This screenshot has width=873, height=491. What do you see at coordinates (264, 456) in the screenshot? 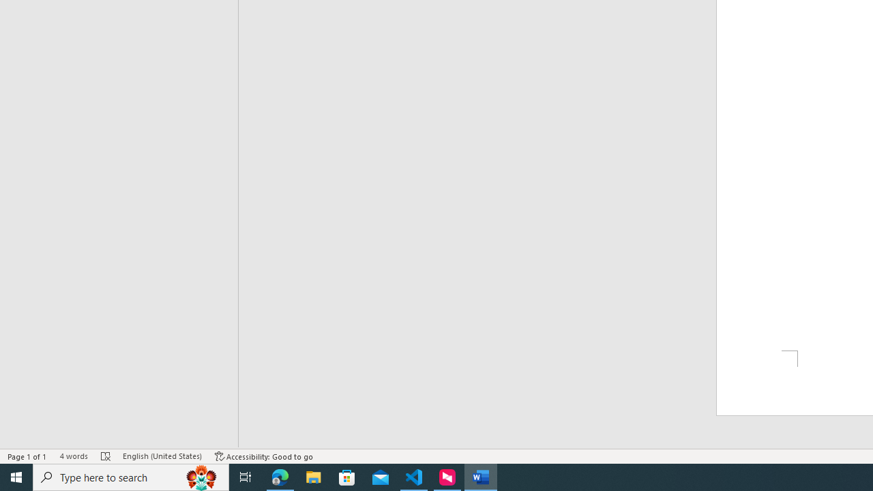
I see `'Accessibility Checker Accessibility: Good to go'` at bounding box center [264, 456].